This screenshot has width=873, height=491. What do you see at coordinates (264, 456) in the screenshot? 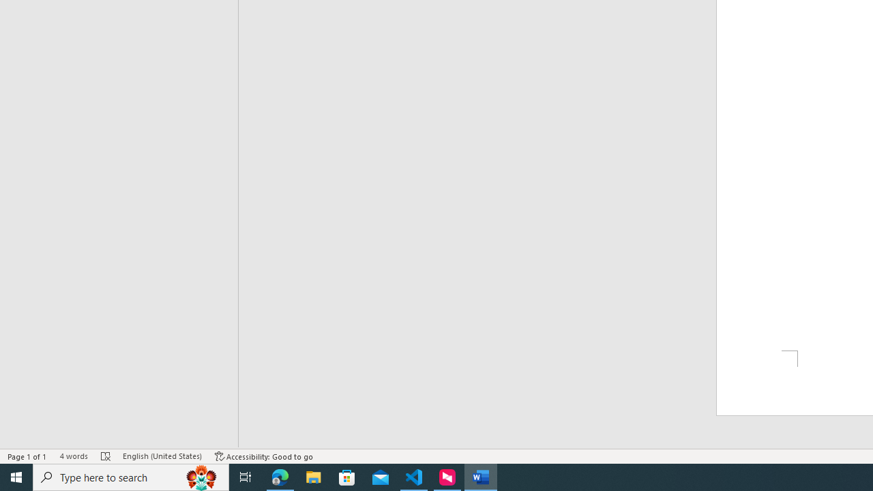
I see `'Accessibility Checker Accessibility: Good to go'` at bounding box center [264, 456].